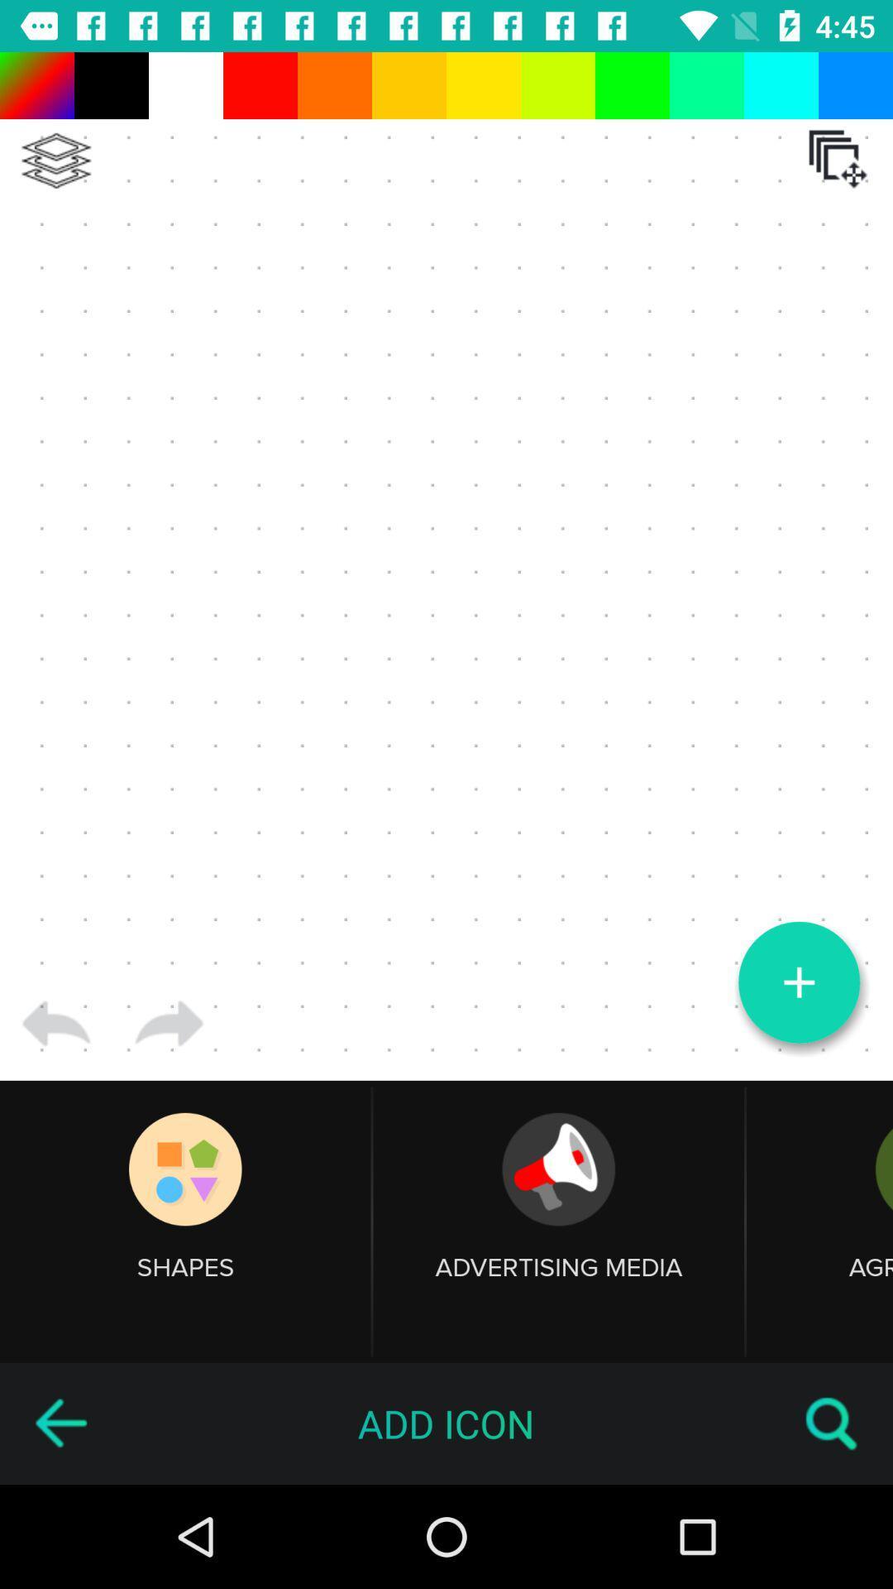  Describe the element at coordinates (838, 159) in the screenshot. I see `the item at the top right corner` at that location.